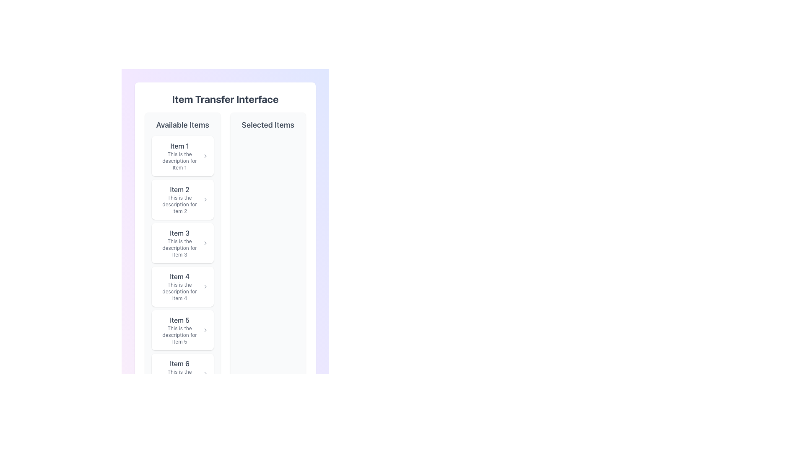  I want to click on the first list item with text and an icon in the Available Items column of the Item Transfer Interface, so click(182, 156).